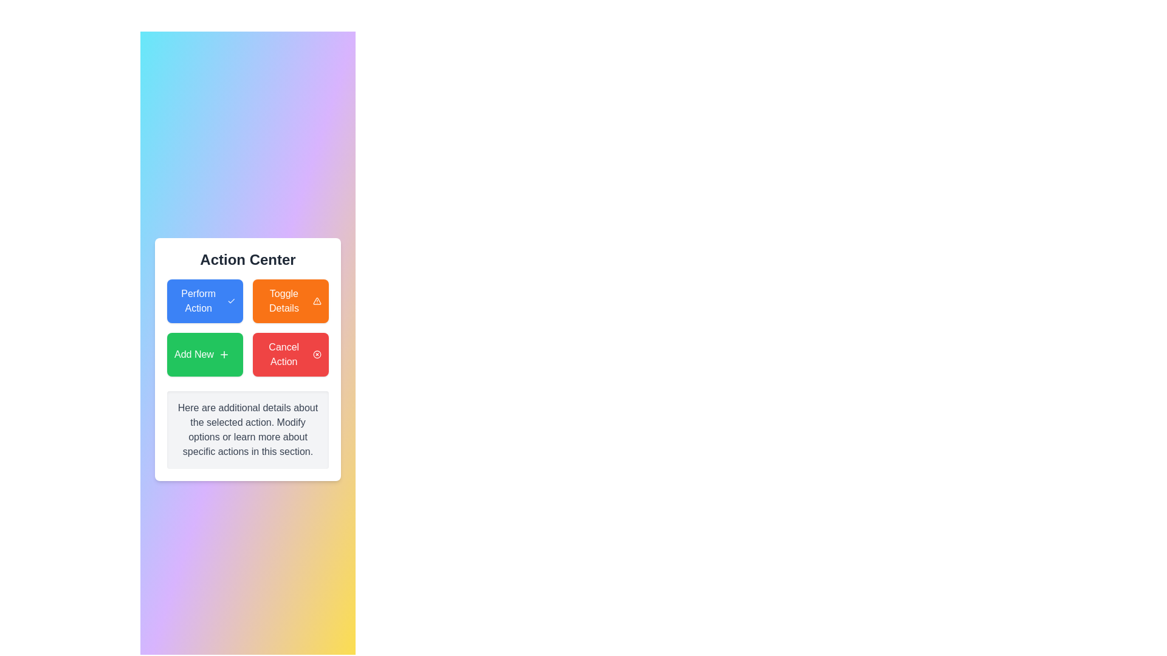 The image size is (1167, 656). I want to click on text from the informational text box located at the bottom of the 'Action Center' panel, directly below the four action buttons, so click(247, 429).